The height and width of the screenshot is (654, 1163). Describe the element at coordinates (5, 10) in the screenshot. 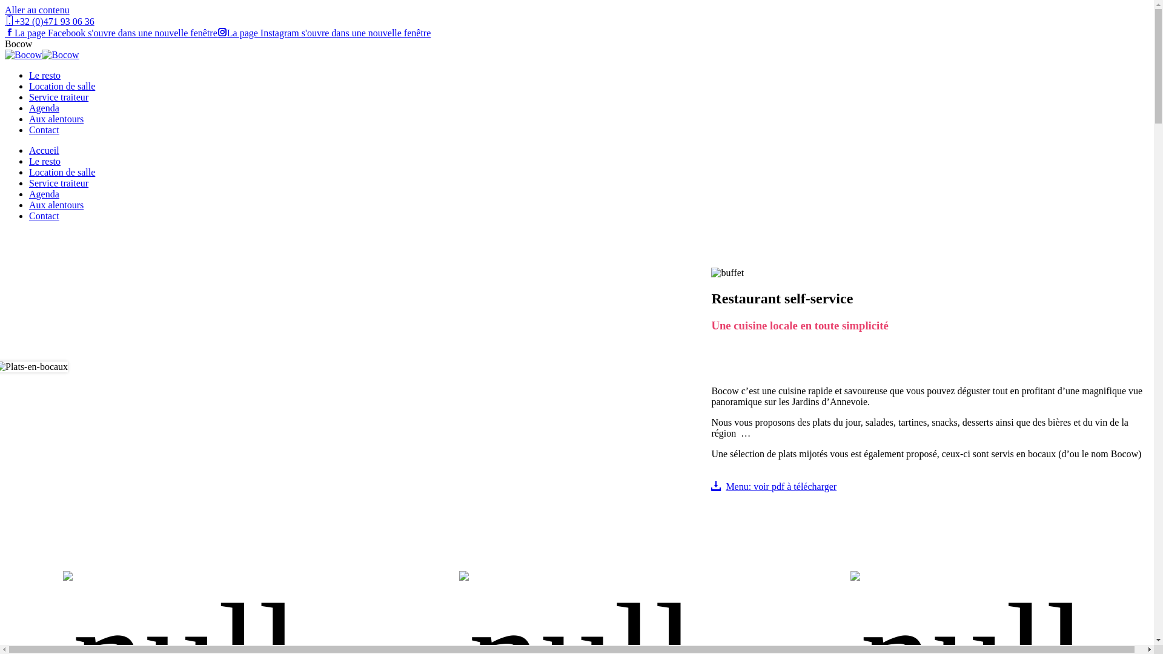

I see `'Aller au contenu'` at that location.